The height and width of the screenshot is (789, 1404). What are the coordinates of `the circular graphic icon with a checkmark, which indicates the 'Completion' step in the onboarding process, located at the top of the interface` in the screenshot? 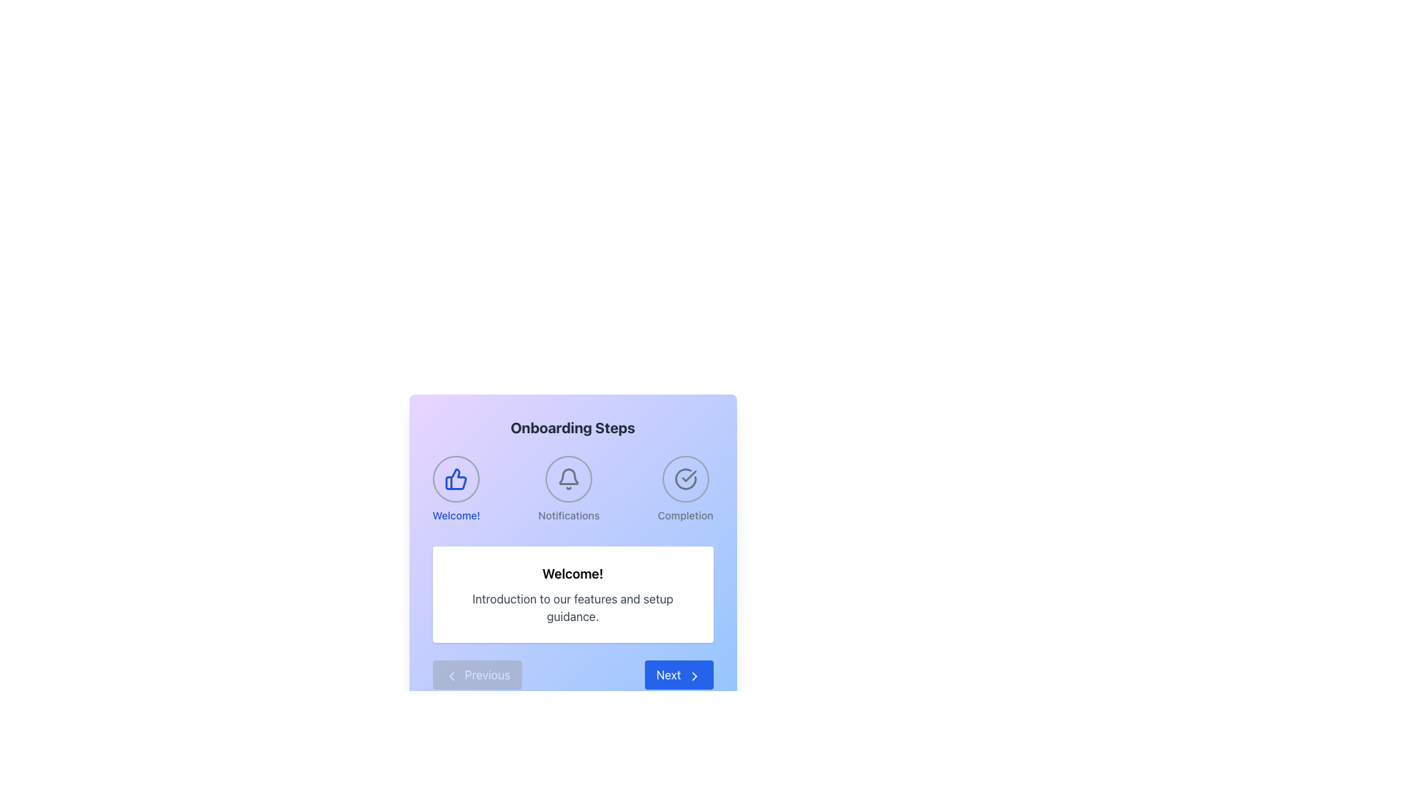 It's located at (684, 479).